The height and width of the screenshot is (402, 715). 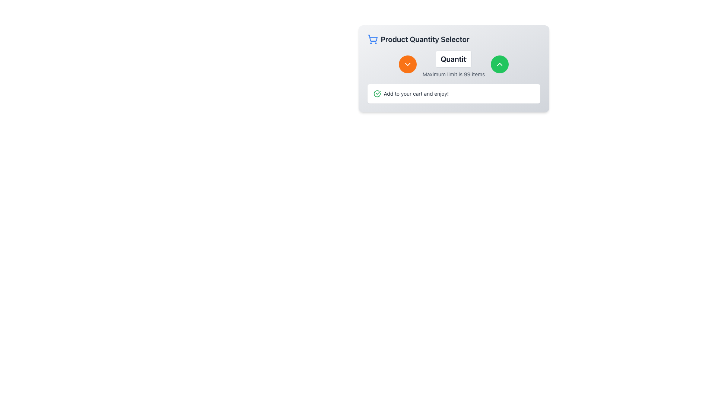 What do you see at coordinates (407, 64) in the screenshot?
I see `the decrease quantity button located on the left side of the quantity selection interface` at bounding box center [407, 64].